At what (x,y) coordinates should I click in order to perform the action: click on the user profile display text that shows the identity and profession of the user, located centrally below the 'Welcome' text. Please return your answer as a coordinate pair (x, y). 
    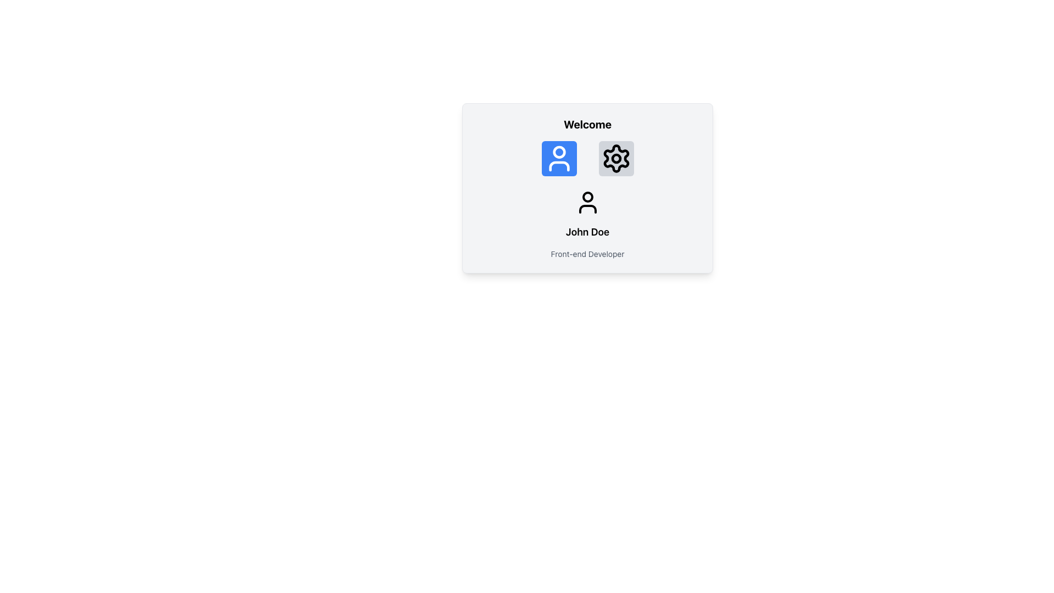
    Looking at the image, I should click on (587, 223).